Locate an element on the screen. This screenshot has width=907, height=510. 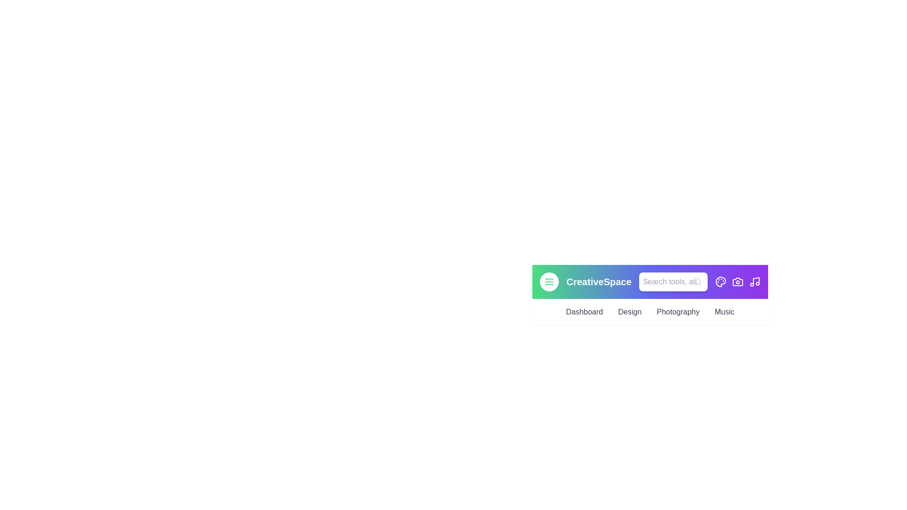
the toolbar icon Palette is located at coordinates (720, 281).